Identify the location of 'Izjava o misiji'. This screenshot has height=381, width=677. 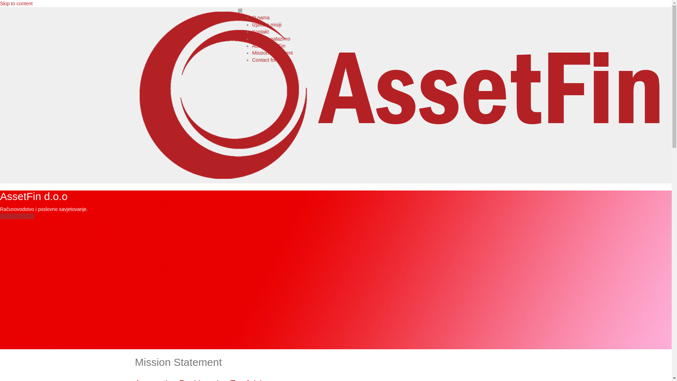
(266, 24).